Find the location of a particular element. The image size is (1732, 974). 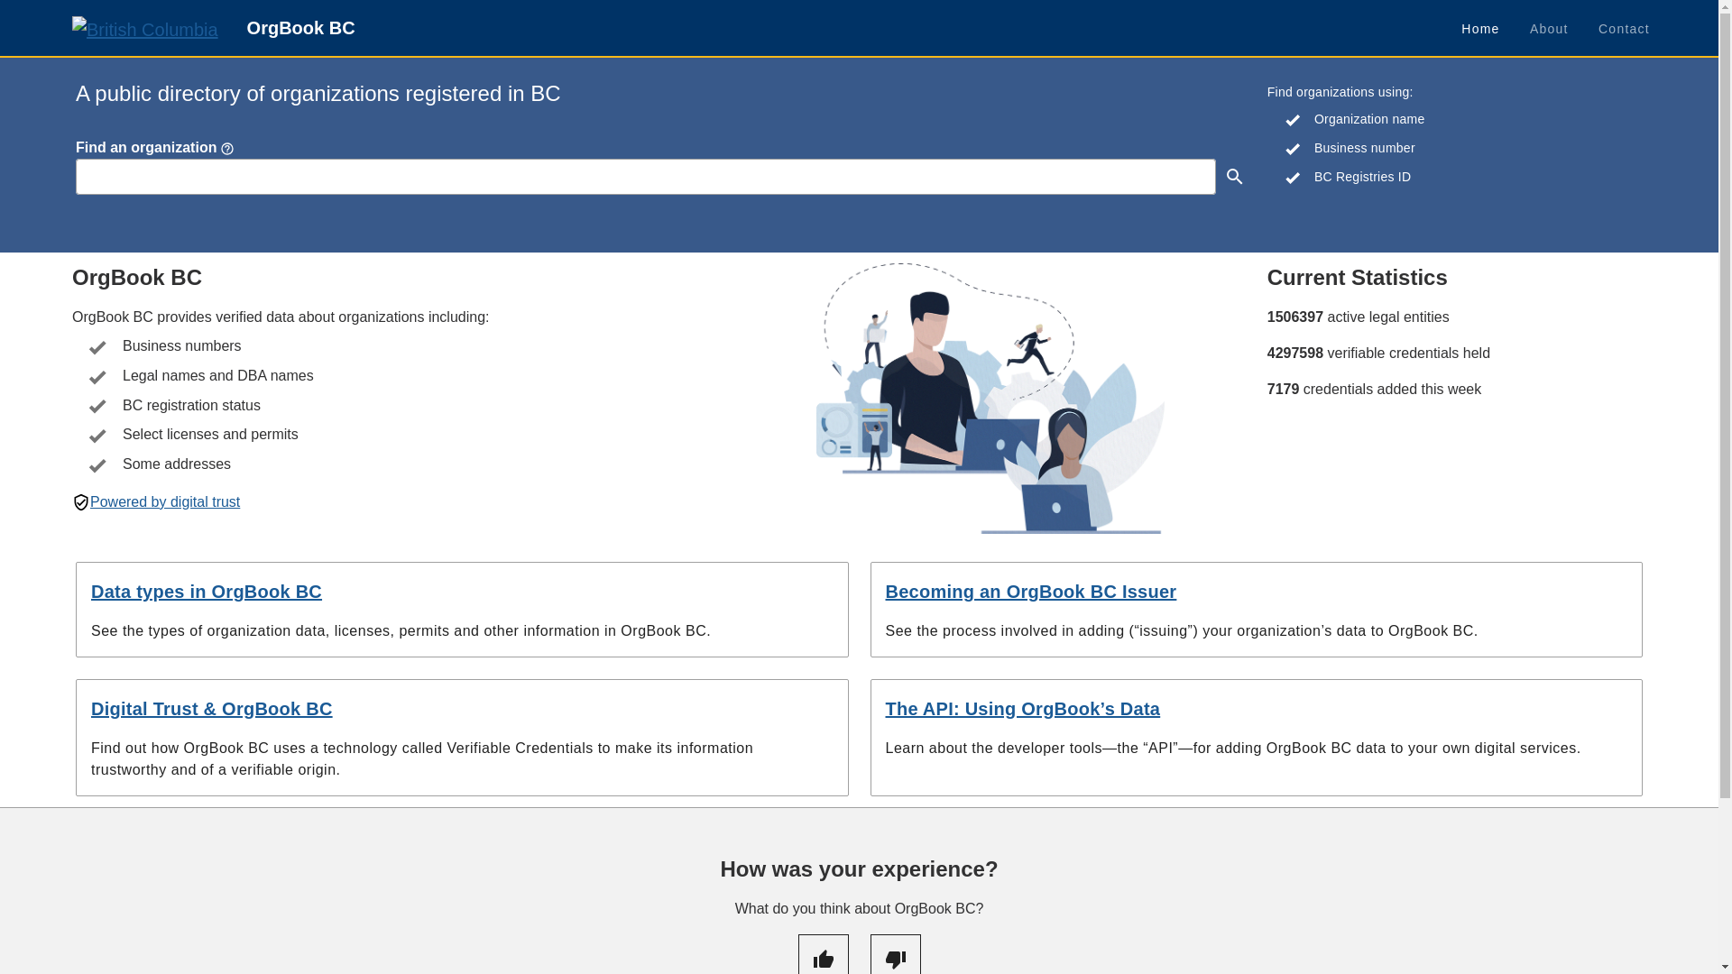

'Digital Trust & OrgBook BC' is located at coordinates (212, 708).